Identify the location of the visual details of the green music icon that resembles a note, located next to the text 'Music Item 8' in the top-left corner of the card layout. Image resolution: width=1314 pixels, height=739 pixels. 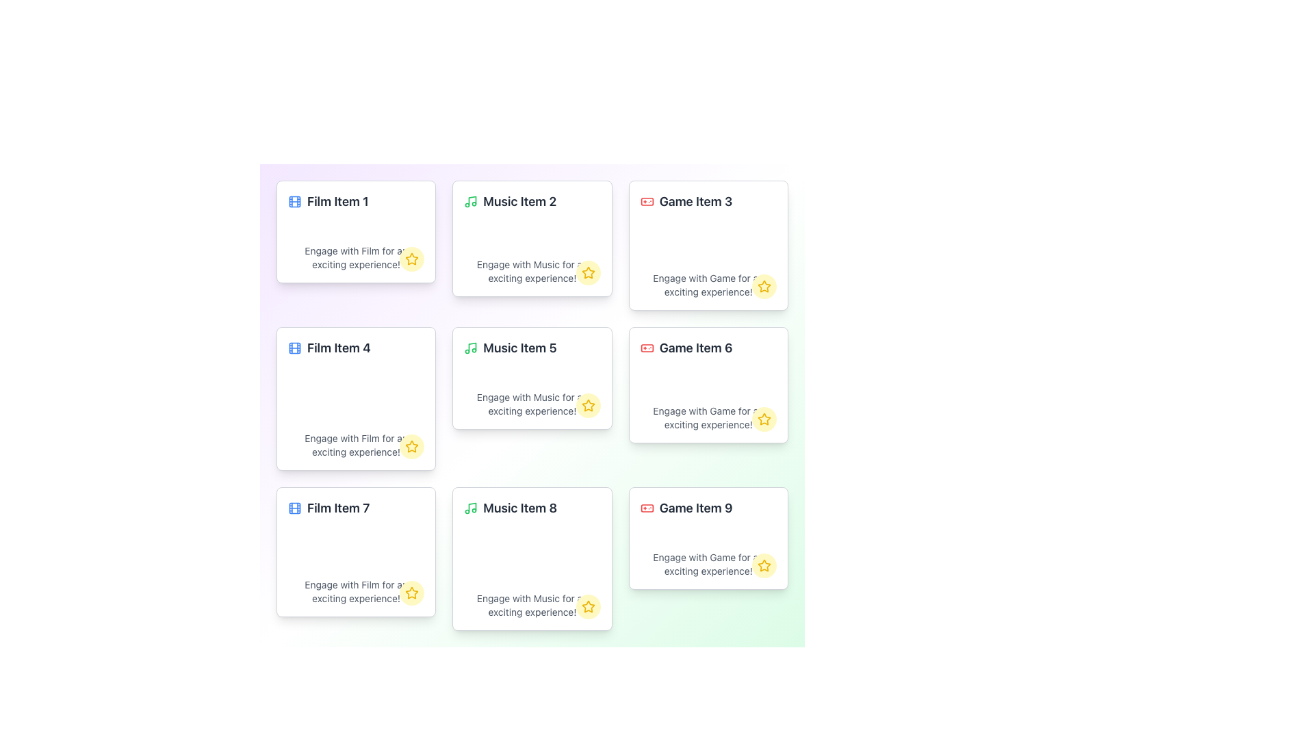
(471, 508).